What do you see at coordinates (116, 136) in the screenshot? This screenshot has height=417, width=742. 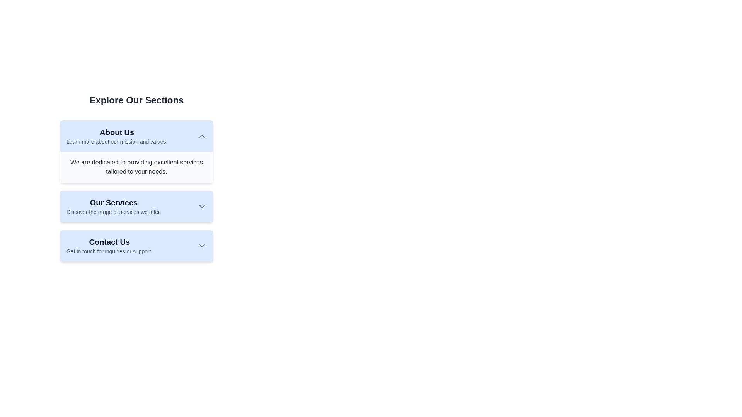 I see `text content of the 'About Us' section in the Text block, which is the first element under 'Explore Our Sections' and is visually separated from 'Our Services'` at bounding box center [116, 136].